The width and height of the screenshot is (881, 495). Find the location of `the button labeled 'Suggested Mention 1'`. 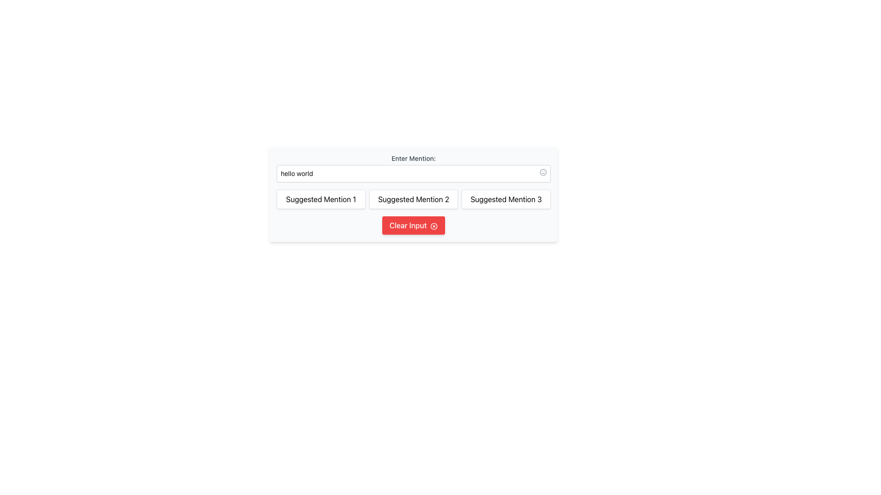

the button labeled 'Suggested Mention 1' is located at coordinates (321, 199).